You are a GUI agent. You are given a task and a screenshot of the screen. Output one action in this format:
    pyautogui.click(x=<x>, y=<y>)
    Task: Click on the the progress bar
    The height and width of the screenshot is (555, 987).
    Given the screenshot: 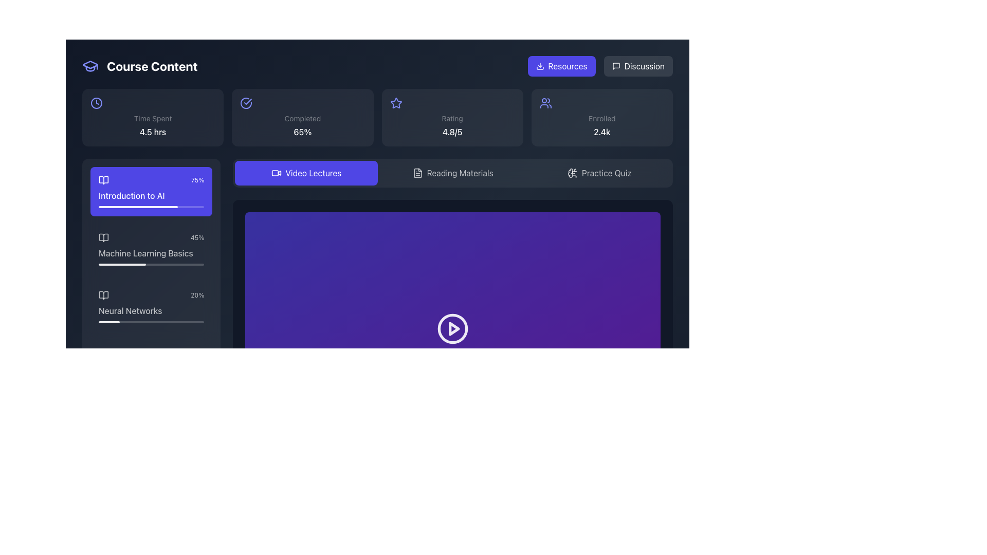 What is the action you would take?
    pyautogui.click(x=138, y=207)
    